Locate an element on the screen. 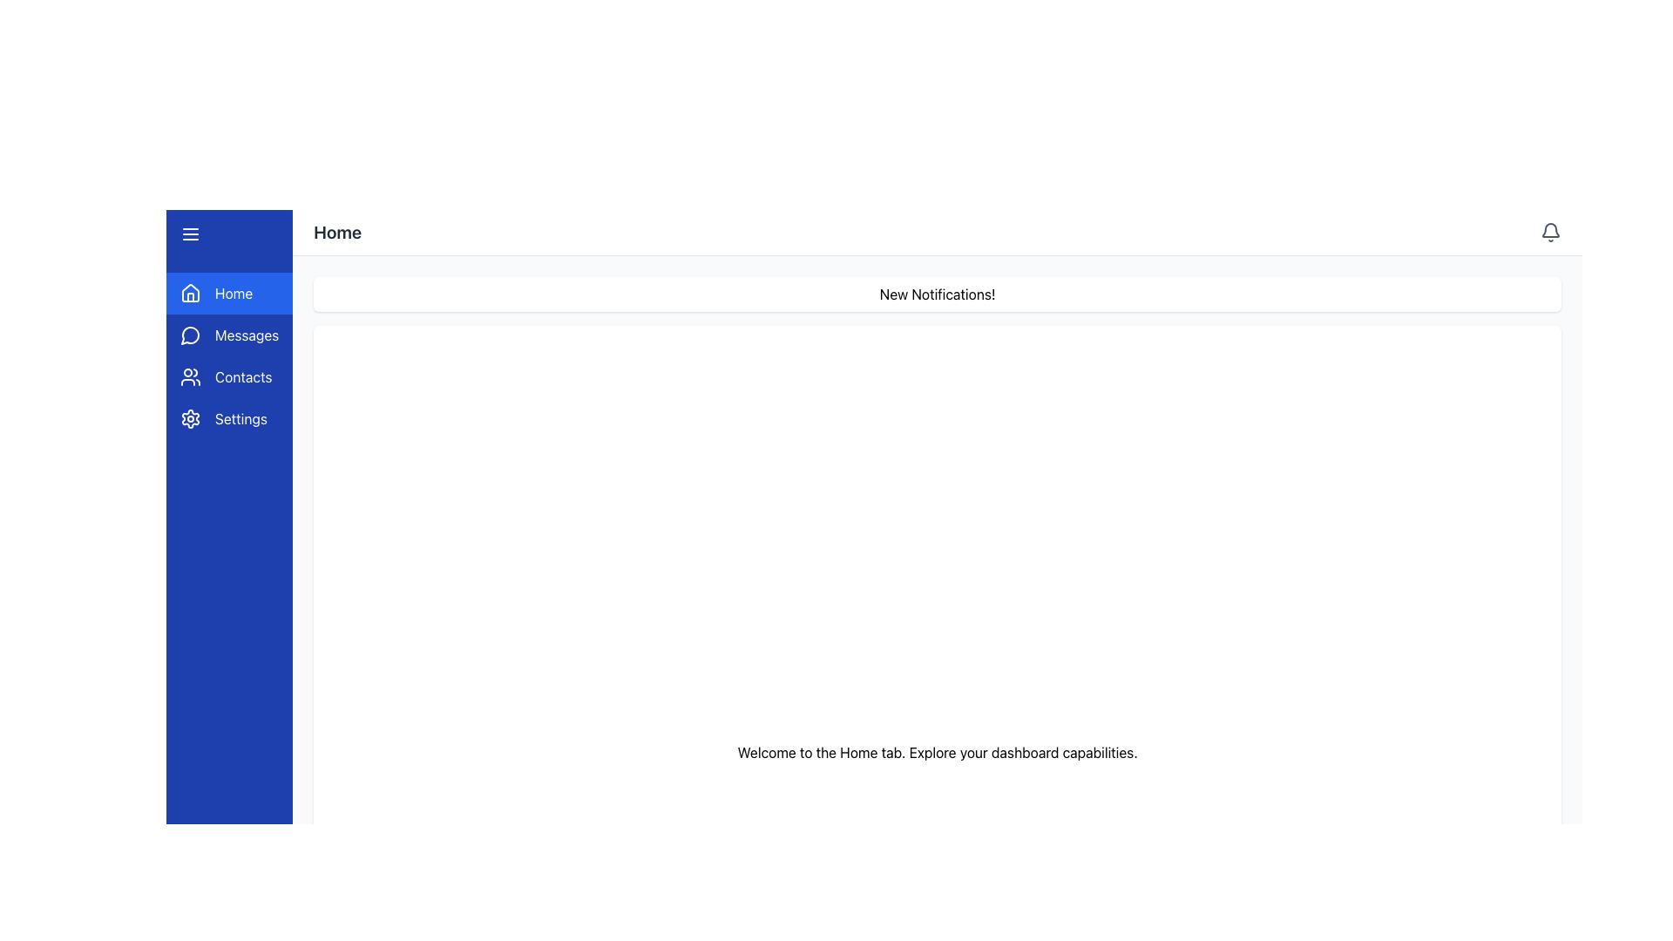 The image size is (1673, 941). the menu toggle icon in the blue sidebar is located at coordinates (191, 234).